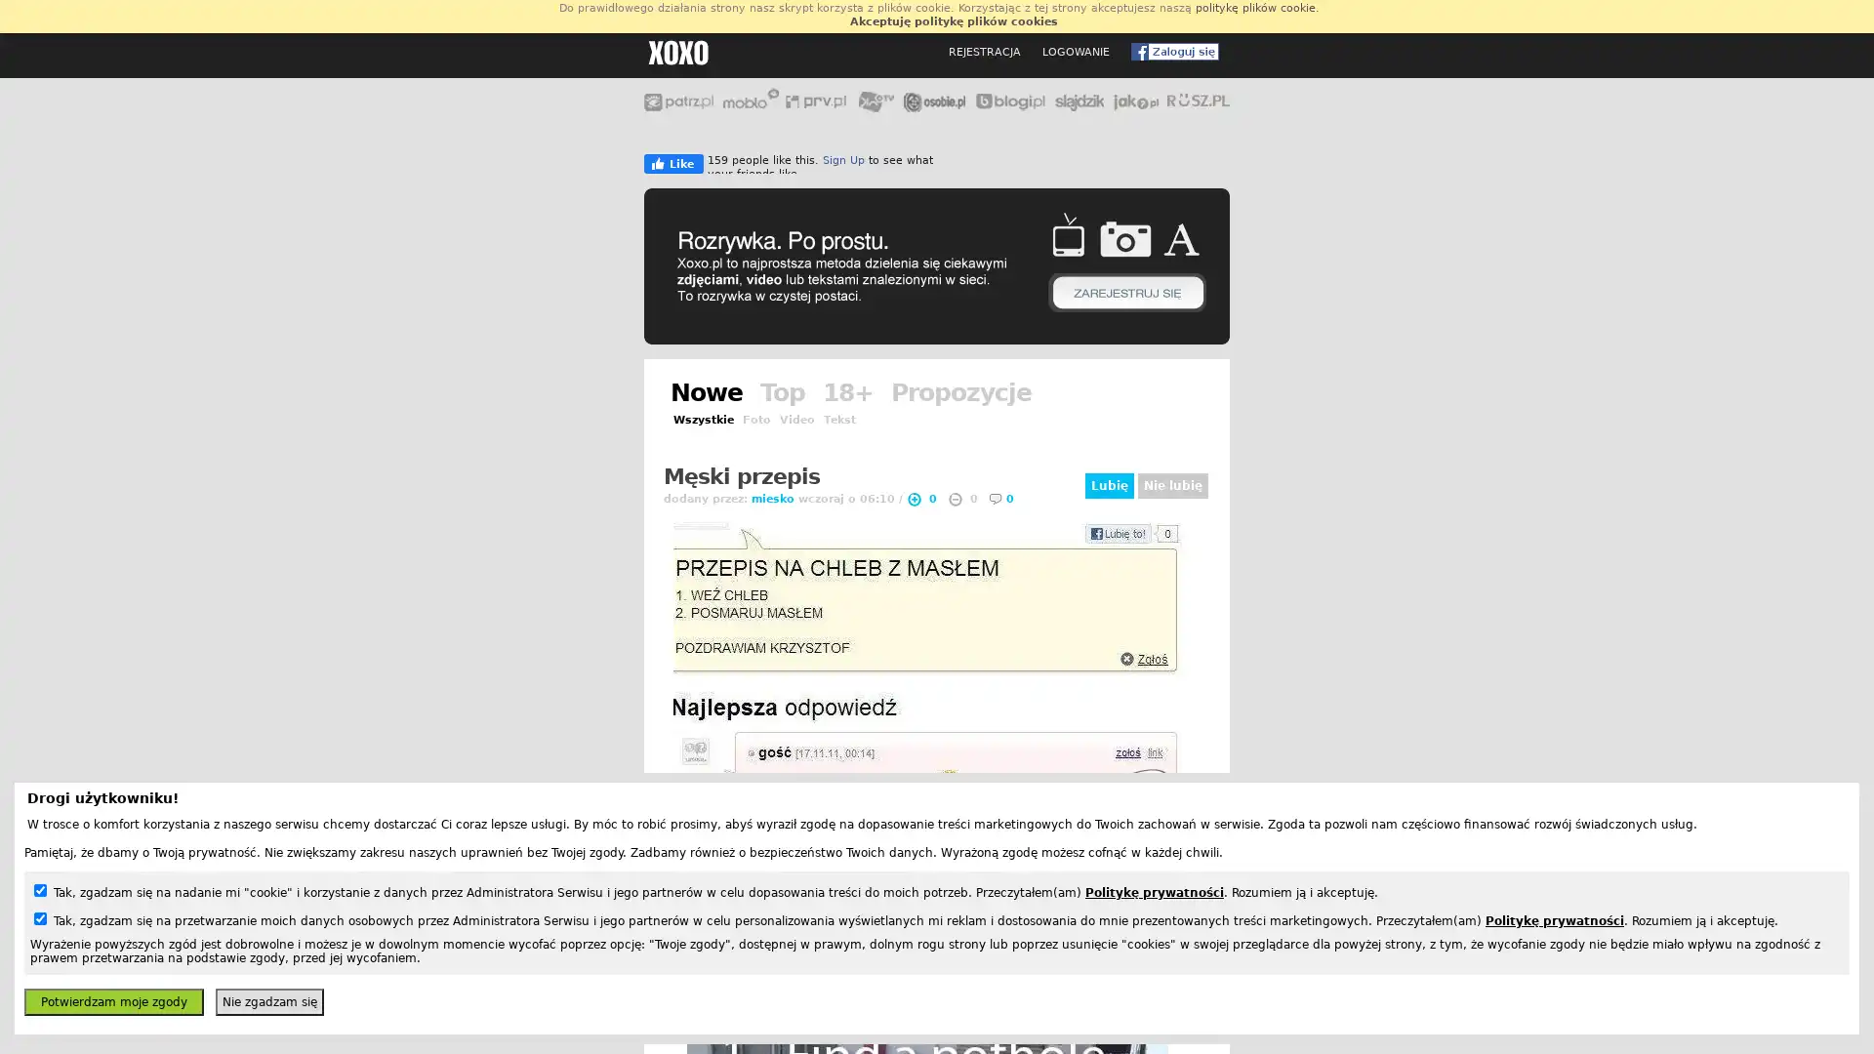 This screenshot has height=1054, width=1874. I want to click on Nie zgadzam sie, so click(268, 1001).